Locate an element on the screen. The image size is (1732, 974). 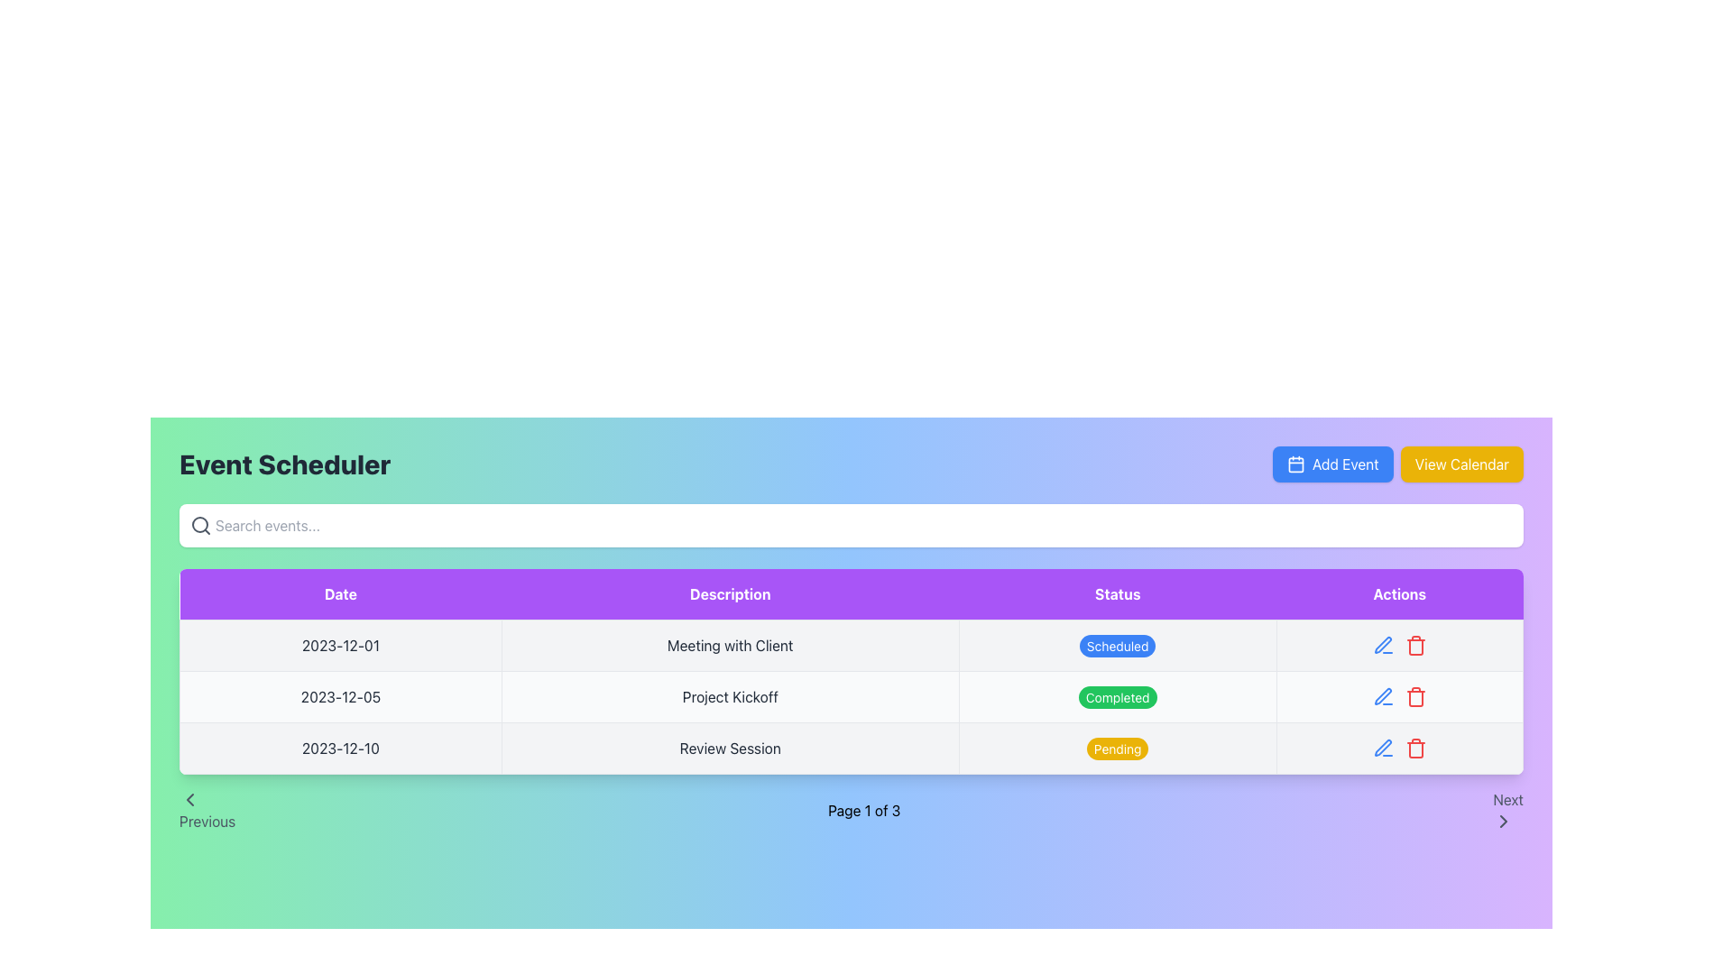
the text label for the project titled 'Project Kickoff', located in the second row of the table under the 'Description' column is located at coordinates (730, 695).